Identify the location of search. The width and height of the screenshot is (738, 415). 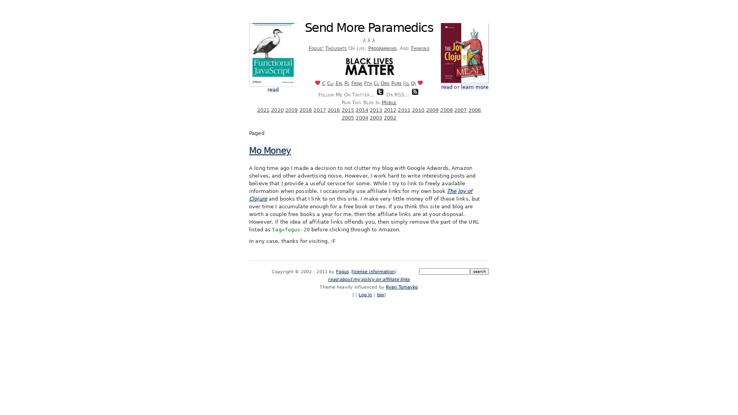
(479, 271).